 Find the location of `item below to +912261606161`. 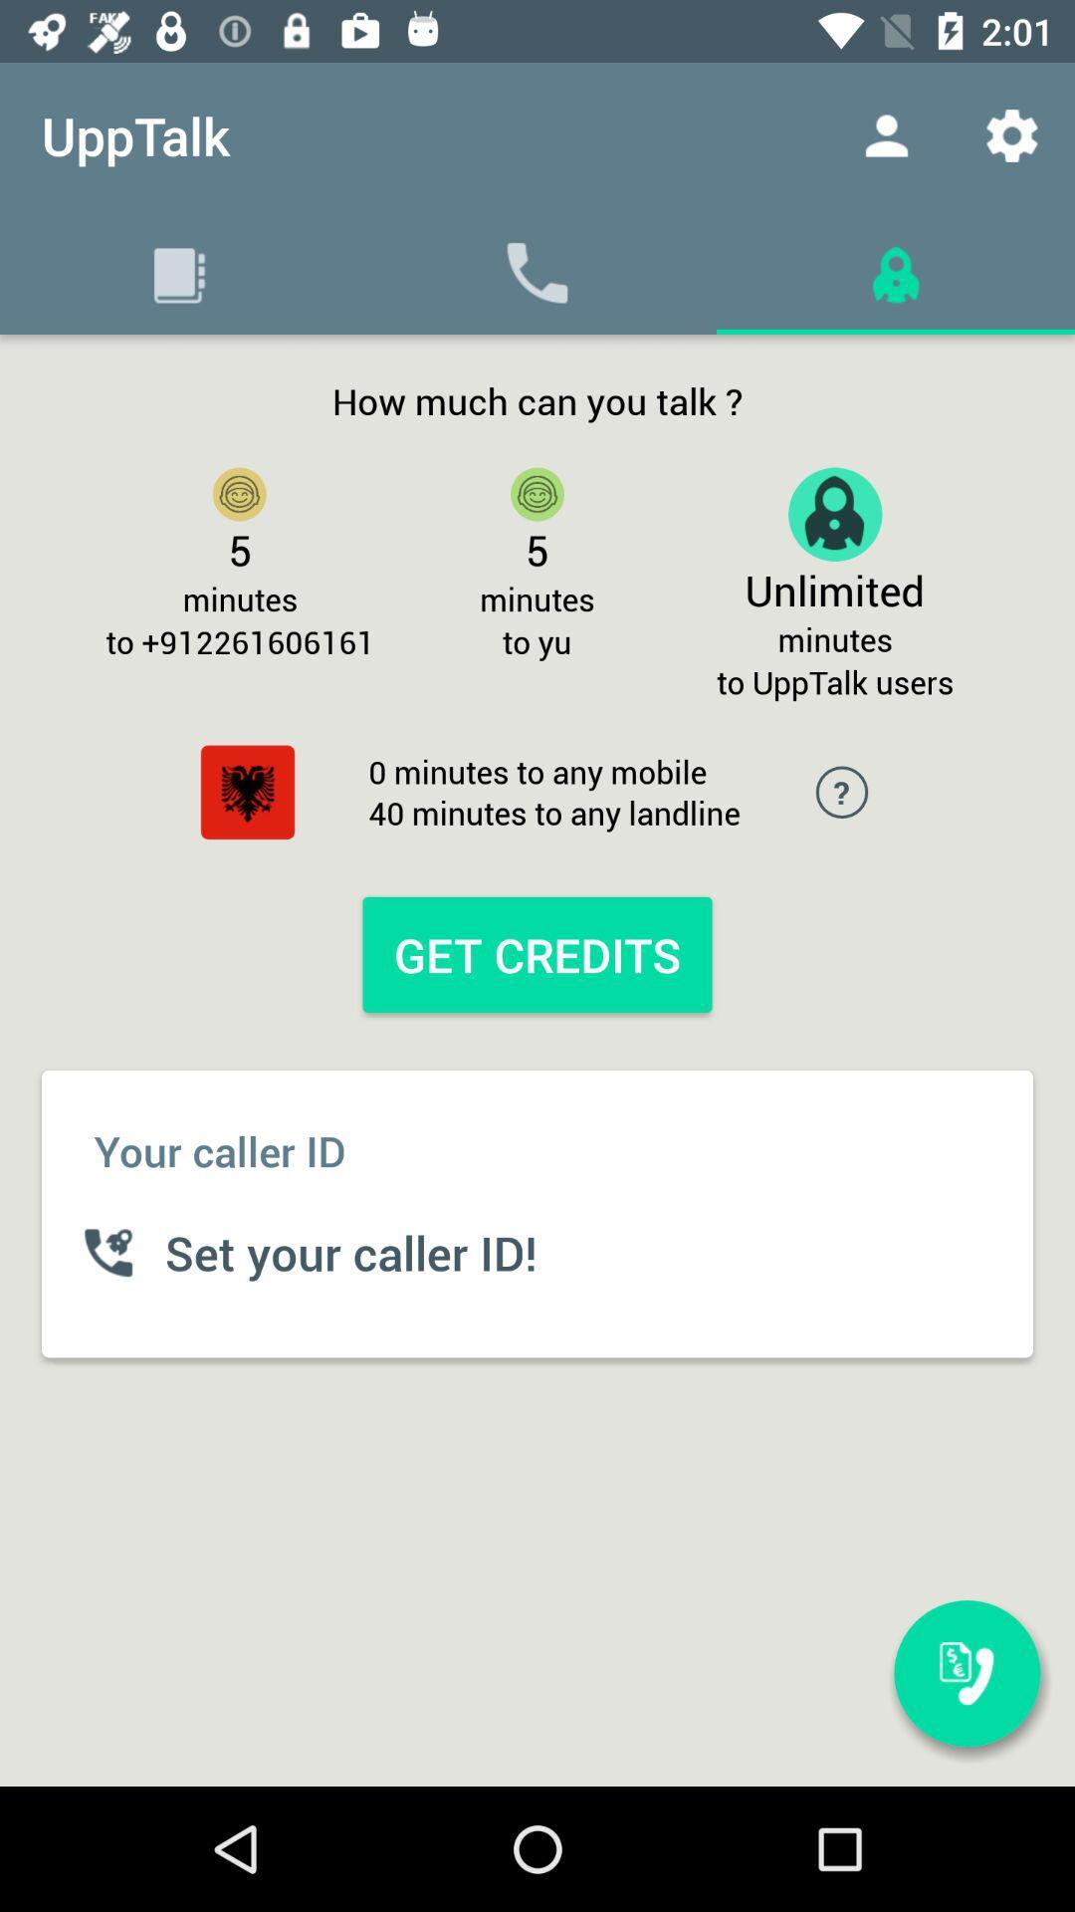

item below to +912261606161 is located at coordinates (247, 791).